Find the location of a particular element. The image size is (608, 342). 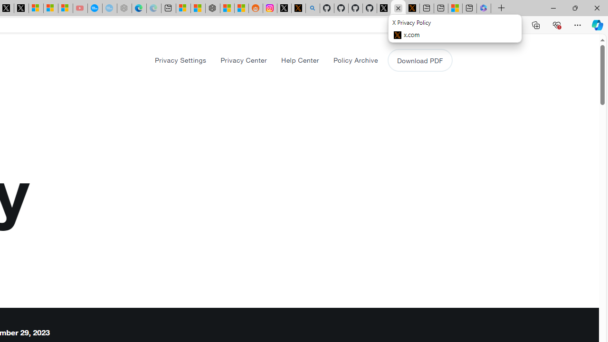

'Profile / X' is located at coordinates (384, 8).